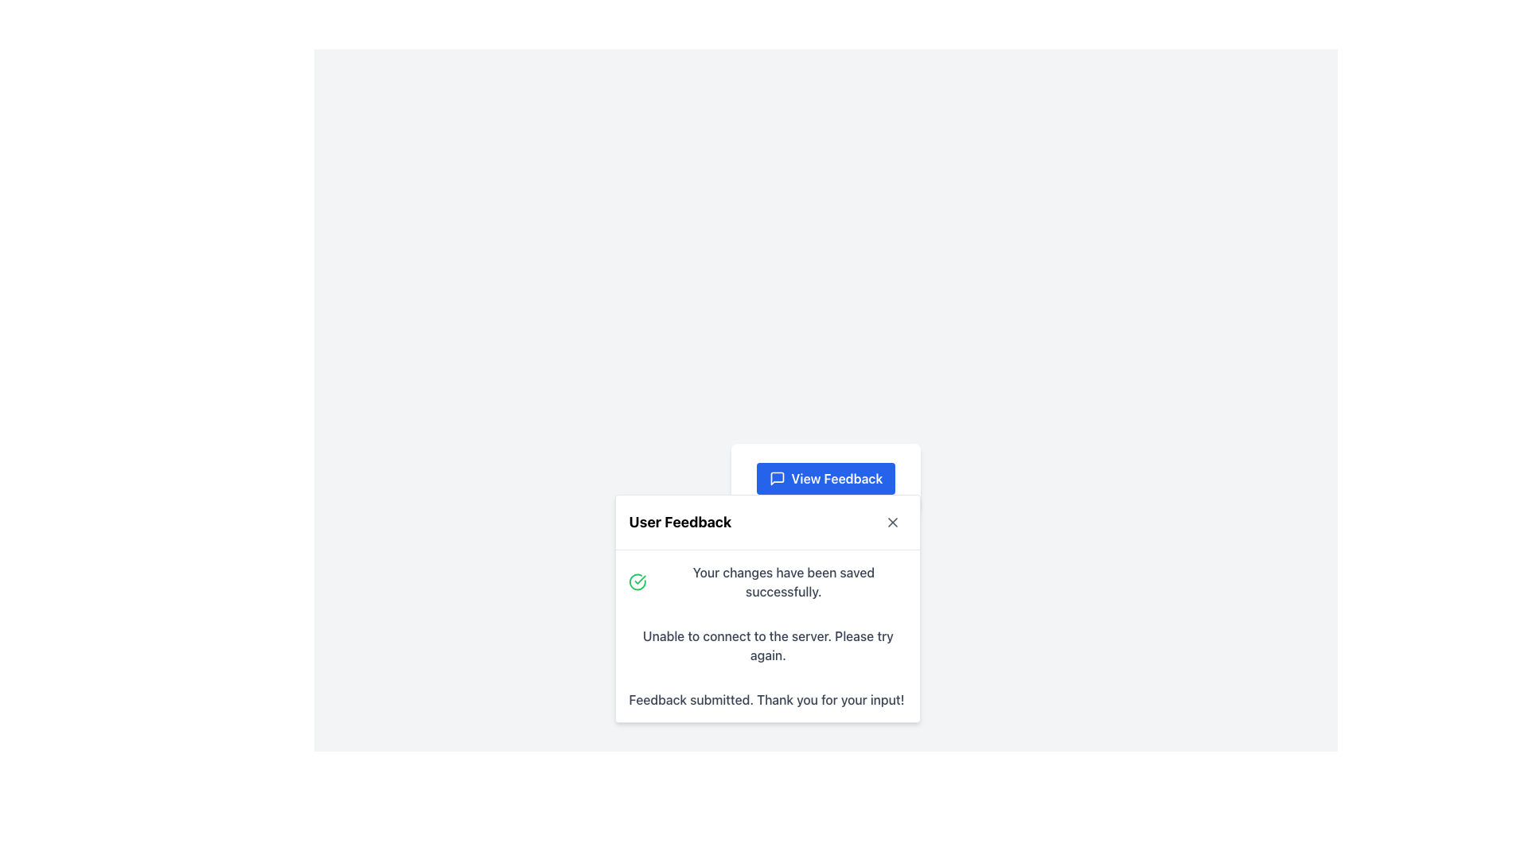  Describe the element at coordinates (768, 698) in the screenshot. I see `the text element displaying 'Feedback submitted. Thank you for your input!' which is positioned below the message 'Unable to connect to the server. Please try again.'` at that location.